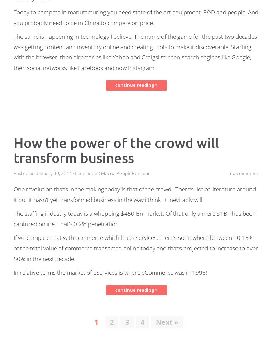 The image size is (273, 341). What do you see at coordinates (127, 322) in the screenshot?
I see `'3'` at bounding box center [127, 322].